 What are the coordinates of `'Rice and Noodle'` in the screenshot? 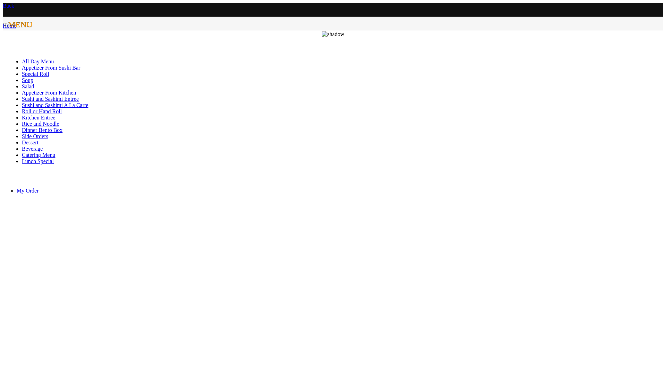 It's located at (40, 123).